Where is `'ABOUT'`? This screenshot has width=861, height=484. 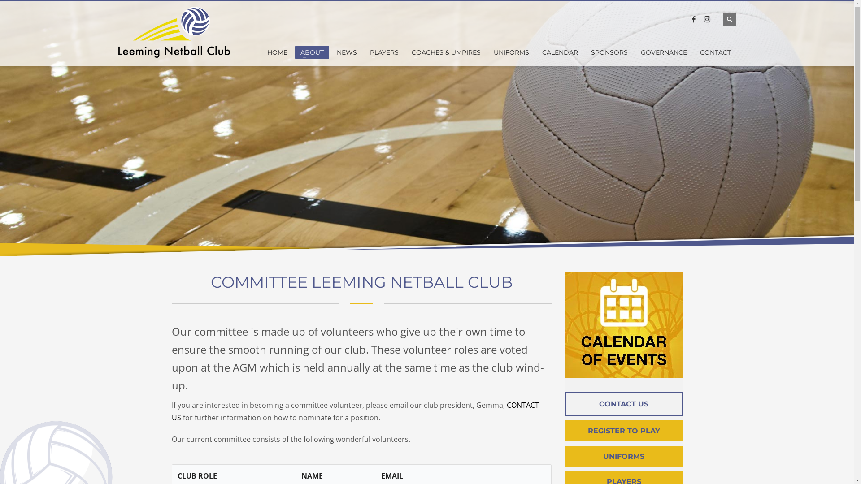
'ABOUT' is located at coordinates (312, 52).